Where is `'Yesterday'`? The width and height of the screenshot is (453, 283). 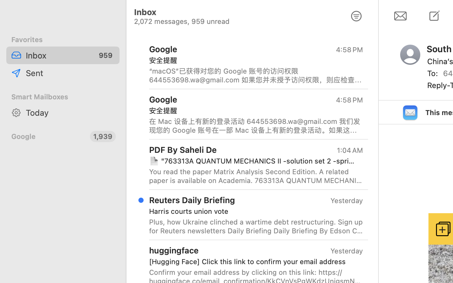
'Yesterday' is located at coordinates (346, 201).